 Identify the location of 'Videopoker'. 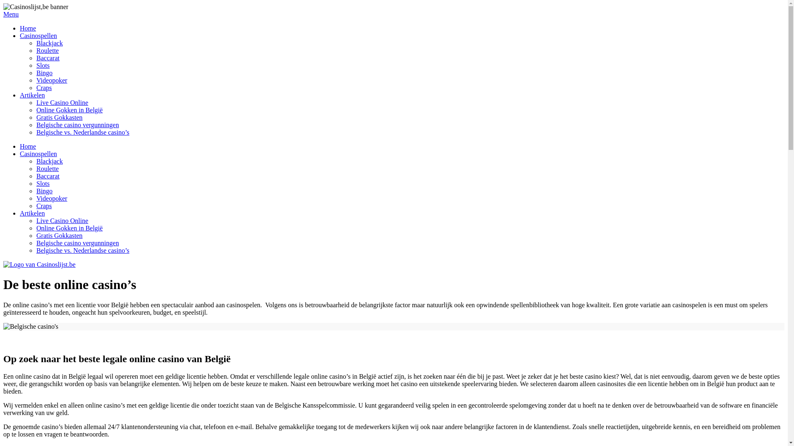
(51, 198).